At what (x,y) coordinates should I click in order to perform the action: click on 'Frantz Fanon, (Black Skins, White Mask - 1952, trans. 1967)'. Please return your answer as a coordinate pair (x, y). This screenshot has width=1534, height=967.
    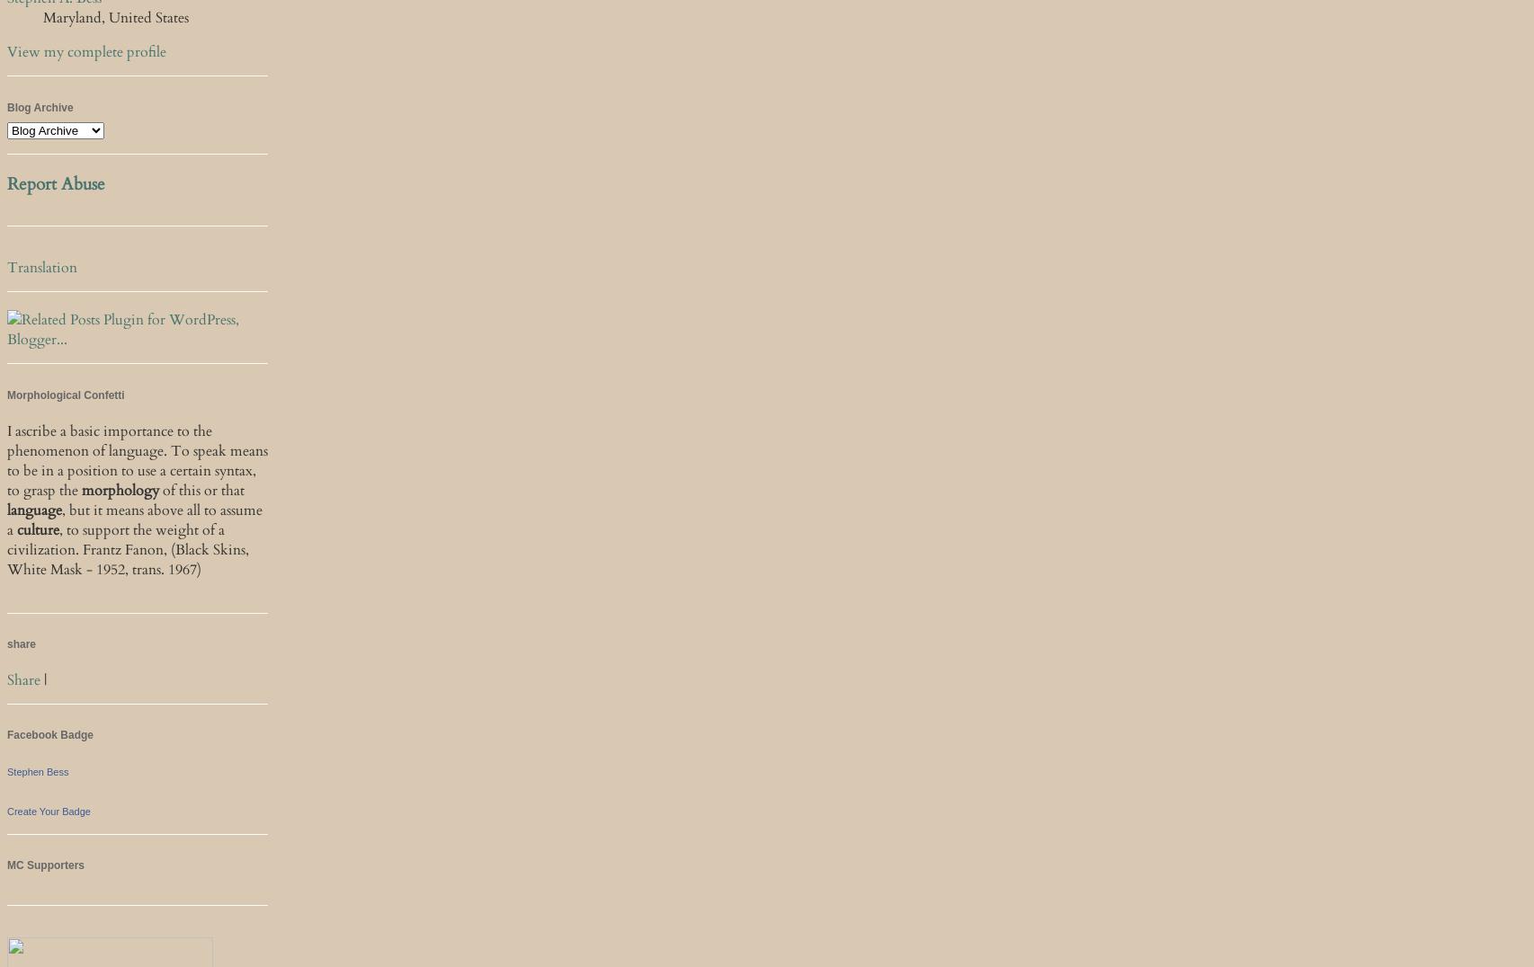
    Looking at the image, I should click on (128, 559).